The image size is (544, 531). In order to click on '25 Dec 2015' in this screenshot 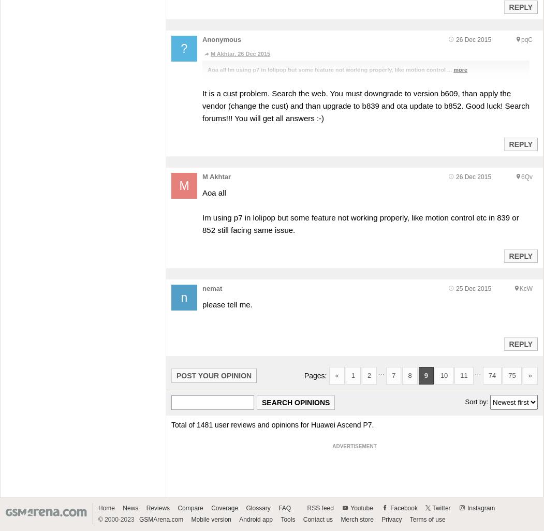, I will do `click(474, 289)`.